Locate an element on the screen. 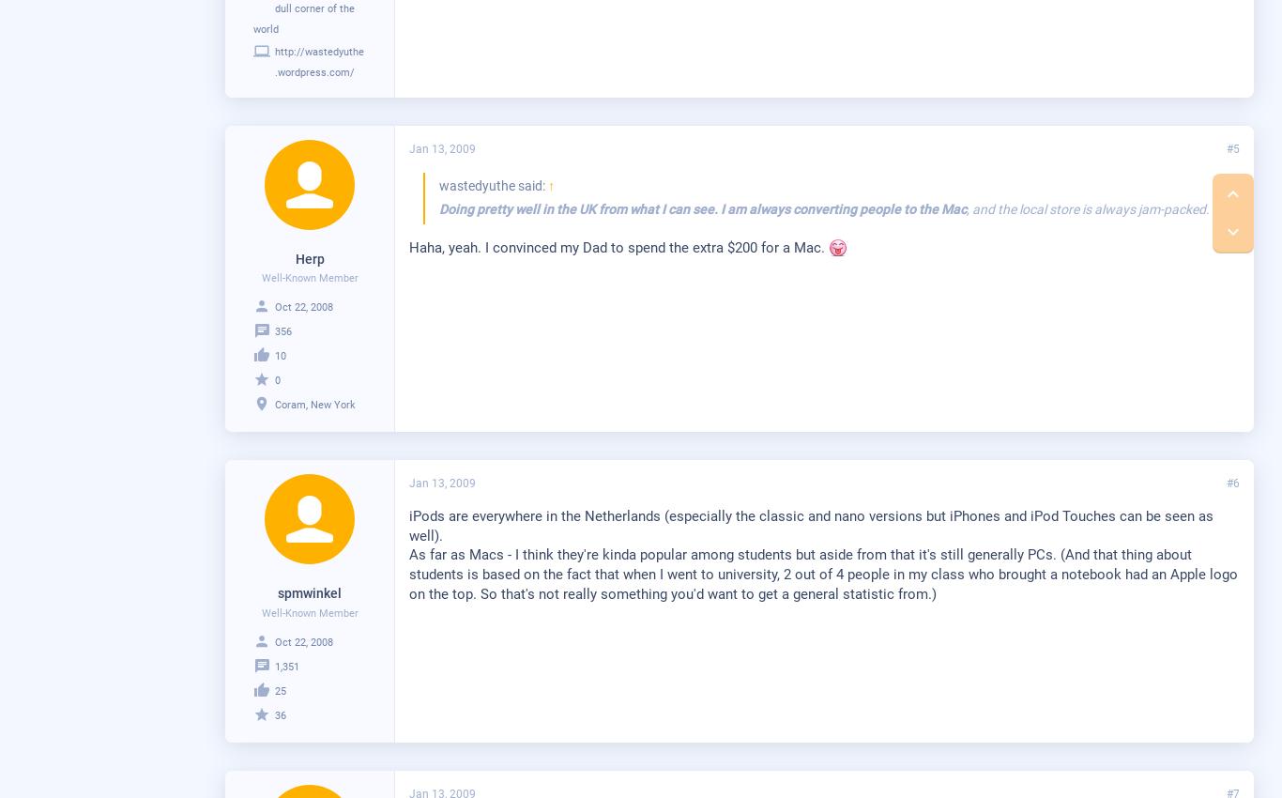 The width and height of the screenshot is (1282, 798). 'iPods are everywhere in the Netherlands (especially the classic and nano versions but iPhones and iPod Touches can be seen as well).' is located at coordinates (810, 525).